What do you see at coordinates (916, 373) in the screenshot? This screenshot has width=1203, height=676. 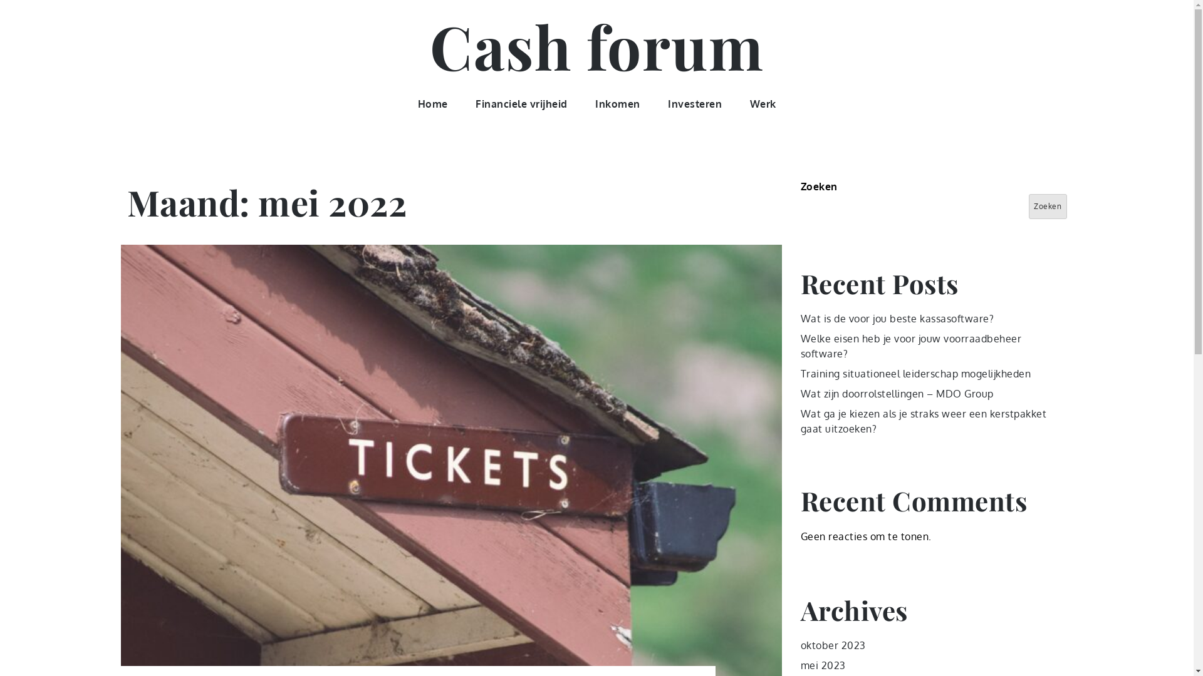 I see `'Training situationeel leiderschap mogelijkheden'` at bounding box center [916, 373].